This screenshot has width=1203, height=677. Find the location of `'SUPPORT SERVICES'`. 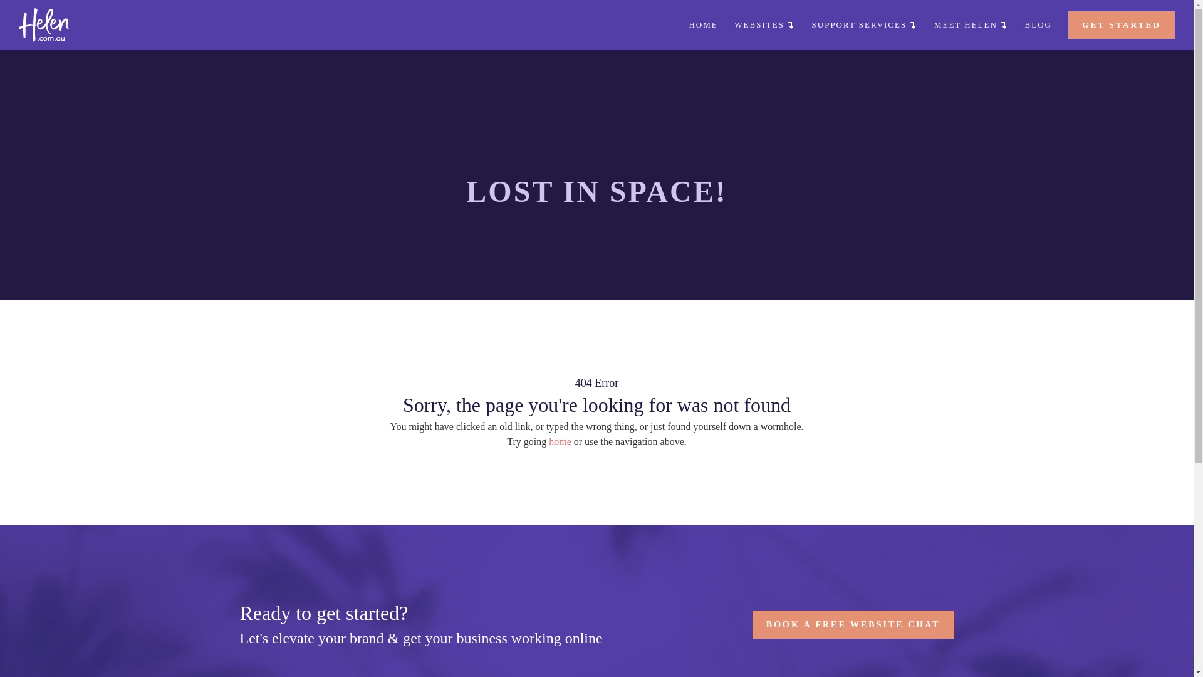

'SUPPORT SERVICES' is located at coordinates (880, 24).